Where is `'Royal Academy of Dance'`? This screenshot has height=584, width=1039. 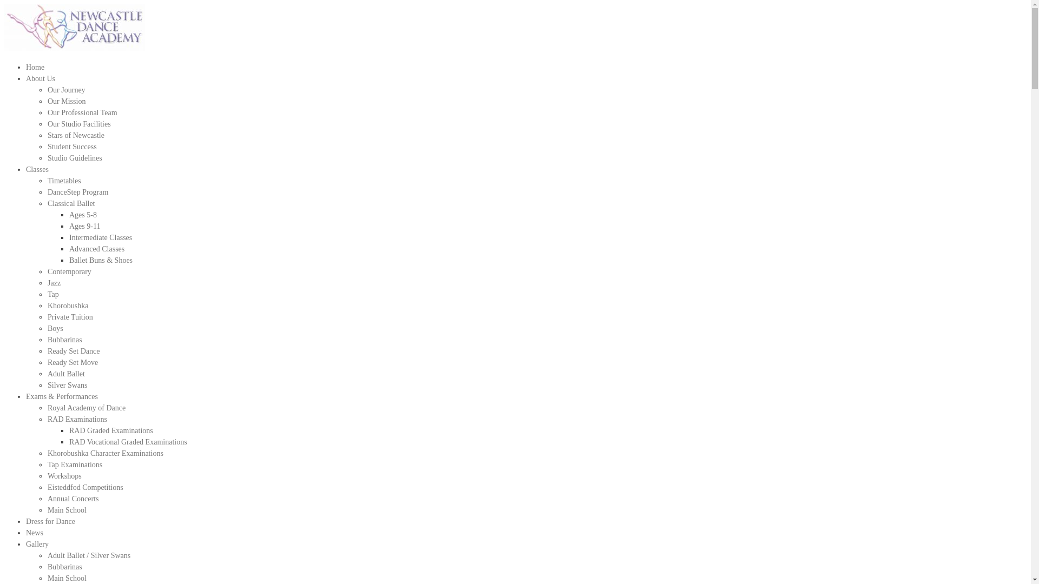 'Royal Academy of Dance' is located at coordinates (86, 408).